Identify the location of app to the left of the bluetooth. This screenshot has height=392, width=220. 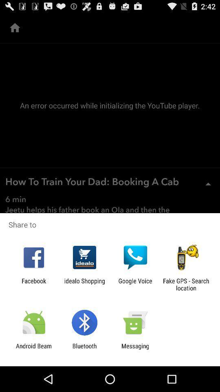
(33, 349).